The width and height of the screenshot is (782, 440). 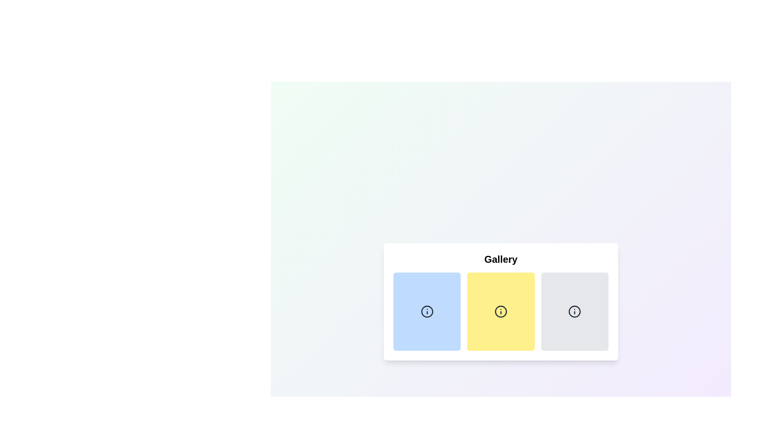 What do you see at coordinates (500, 301) in the screenshot?
I see `the second visual card in the gallery layout, which is located beneath the 'Gallery' heading and between the first blue card and third grey card` at bounding box center [500, 301].